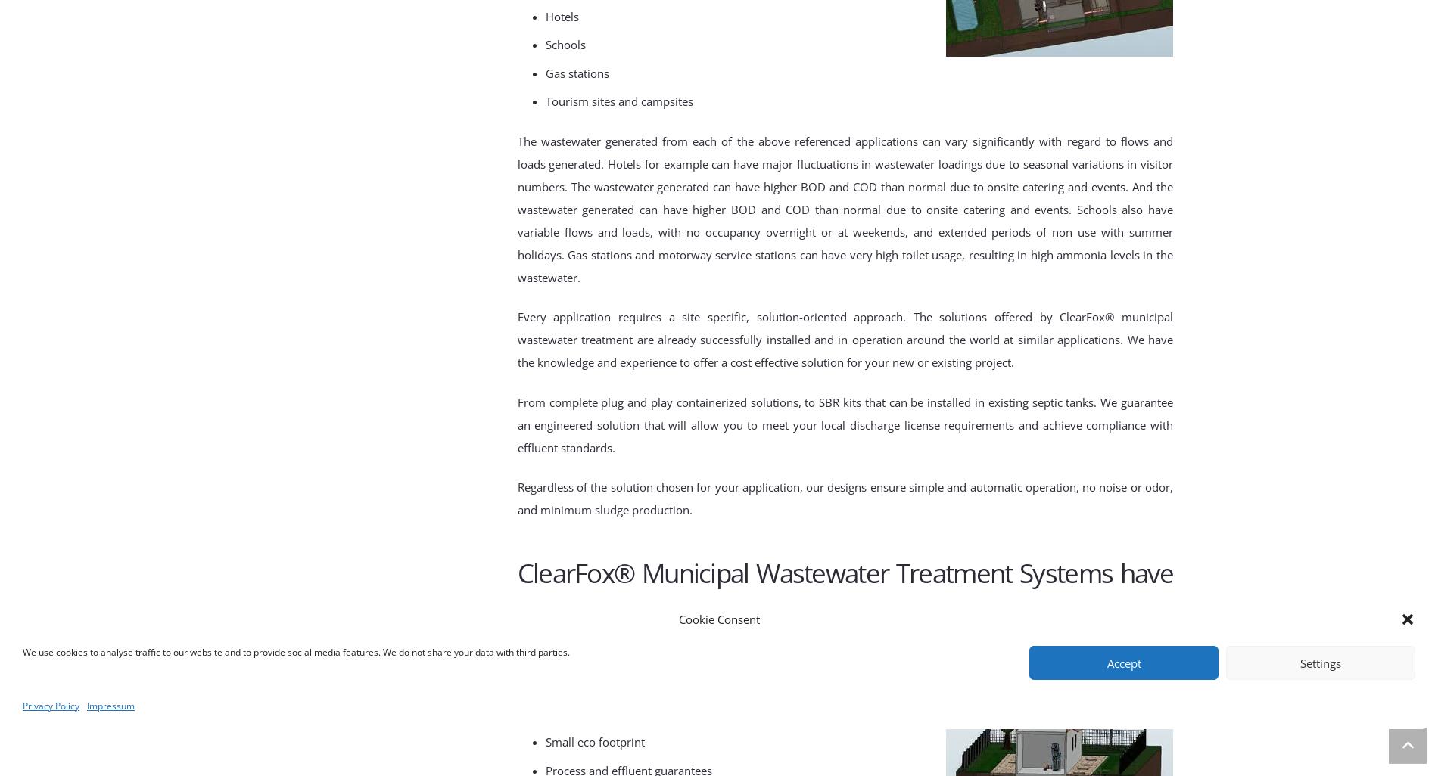  I want to click on 'Small eco footprint', so click(545, 740).